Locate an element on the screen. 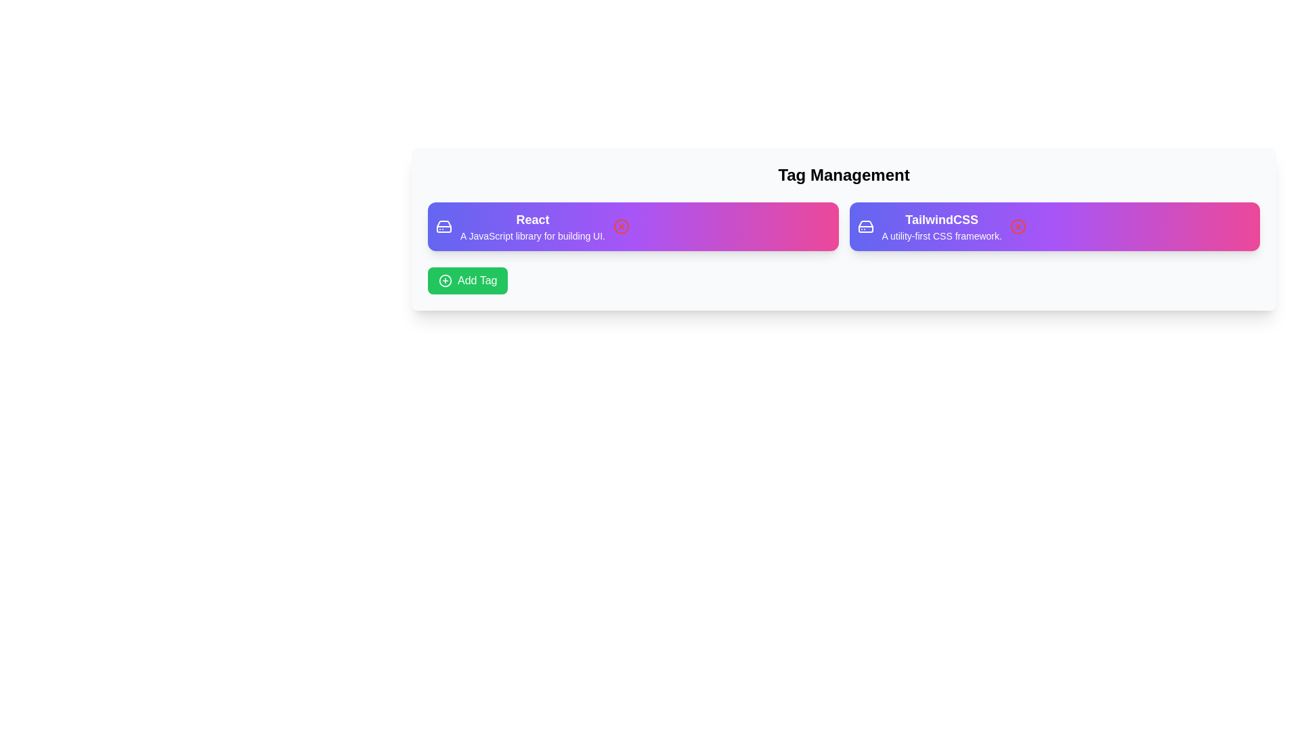  the static text element stating 'A utility-first CSS framework.' which is positioned below the title 'TailwindCSS' within a purple-pink gradient background is located at coordinates (941, 235).